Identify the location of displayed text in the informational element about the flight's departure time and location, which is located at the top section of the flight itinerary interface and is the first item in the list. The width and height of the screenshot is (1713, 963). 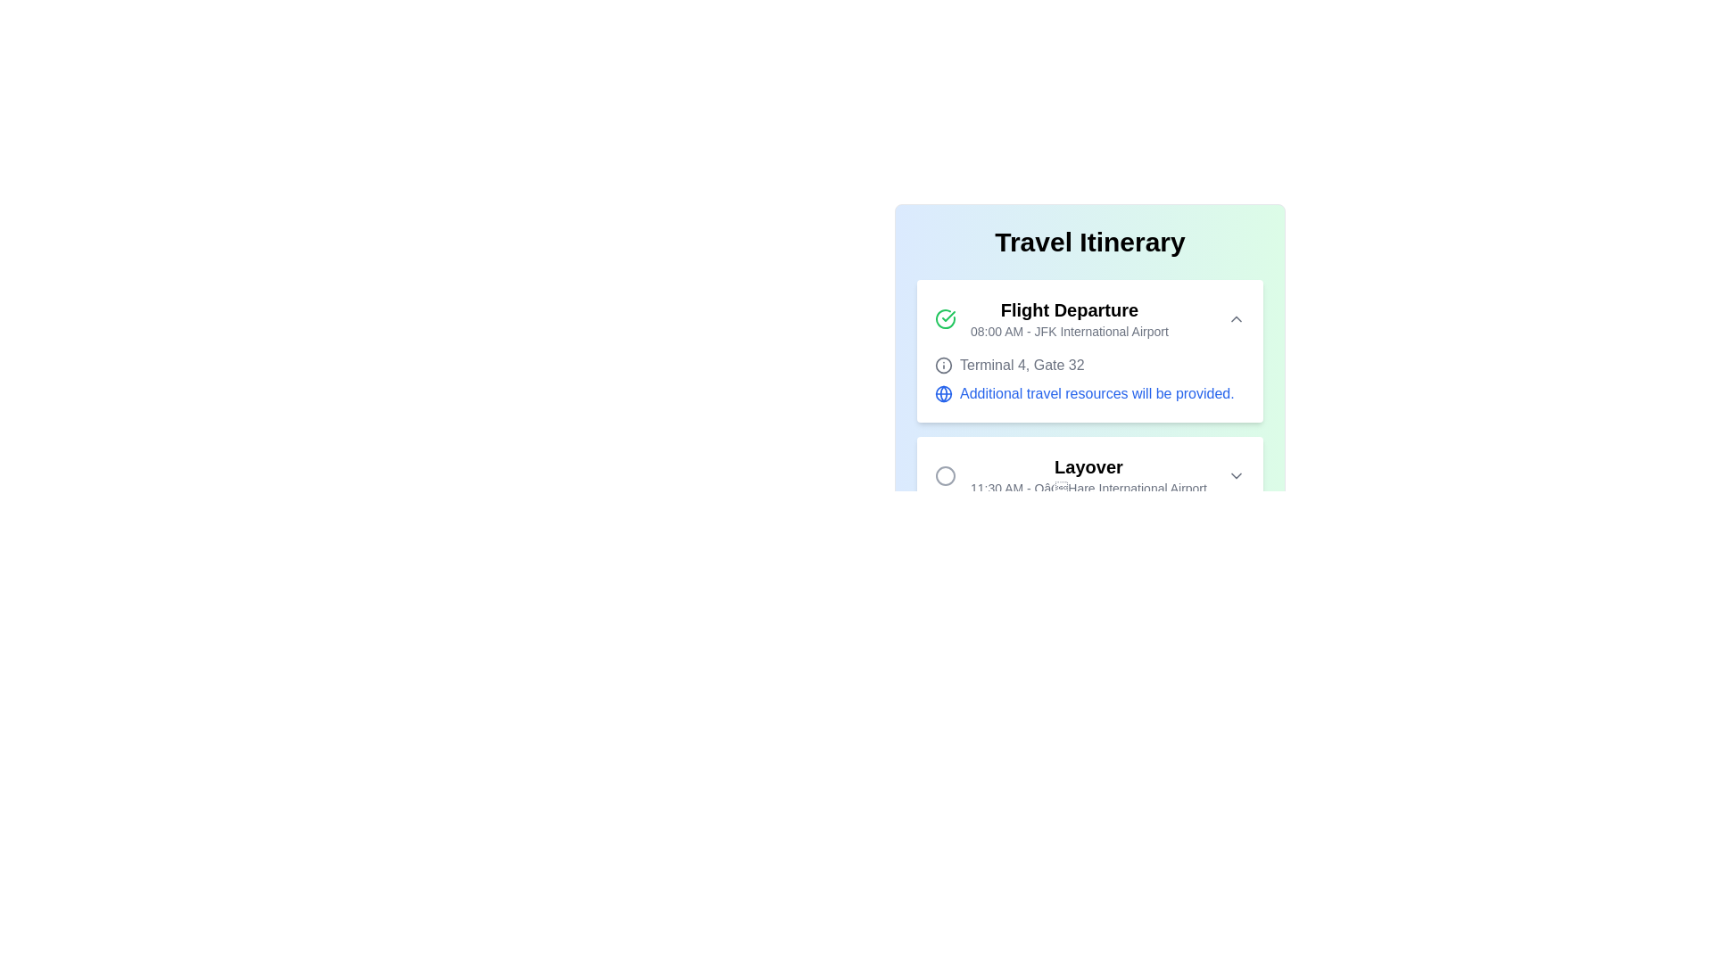
(1051, 318).